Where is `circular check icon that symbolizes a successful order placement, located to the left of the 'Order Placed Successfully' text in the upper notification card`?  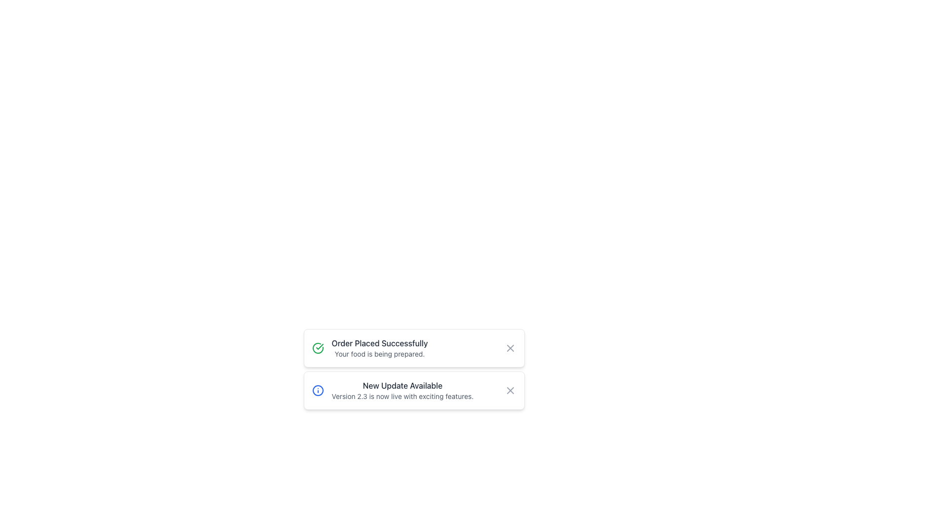
circular check icon that symbolizes a successful order placement, located to the left of the 'Order Placed Successfully' text in the upper notification card is located at coordinates (320, 346).